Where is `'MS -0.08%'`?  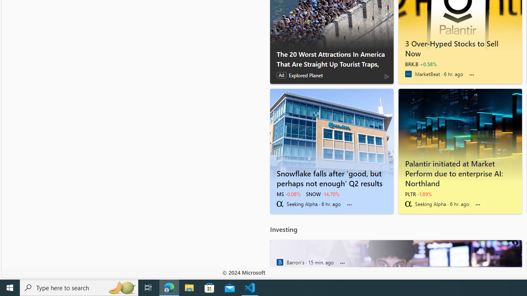 'MS -0.08%' is located at coordinates (288, 194).